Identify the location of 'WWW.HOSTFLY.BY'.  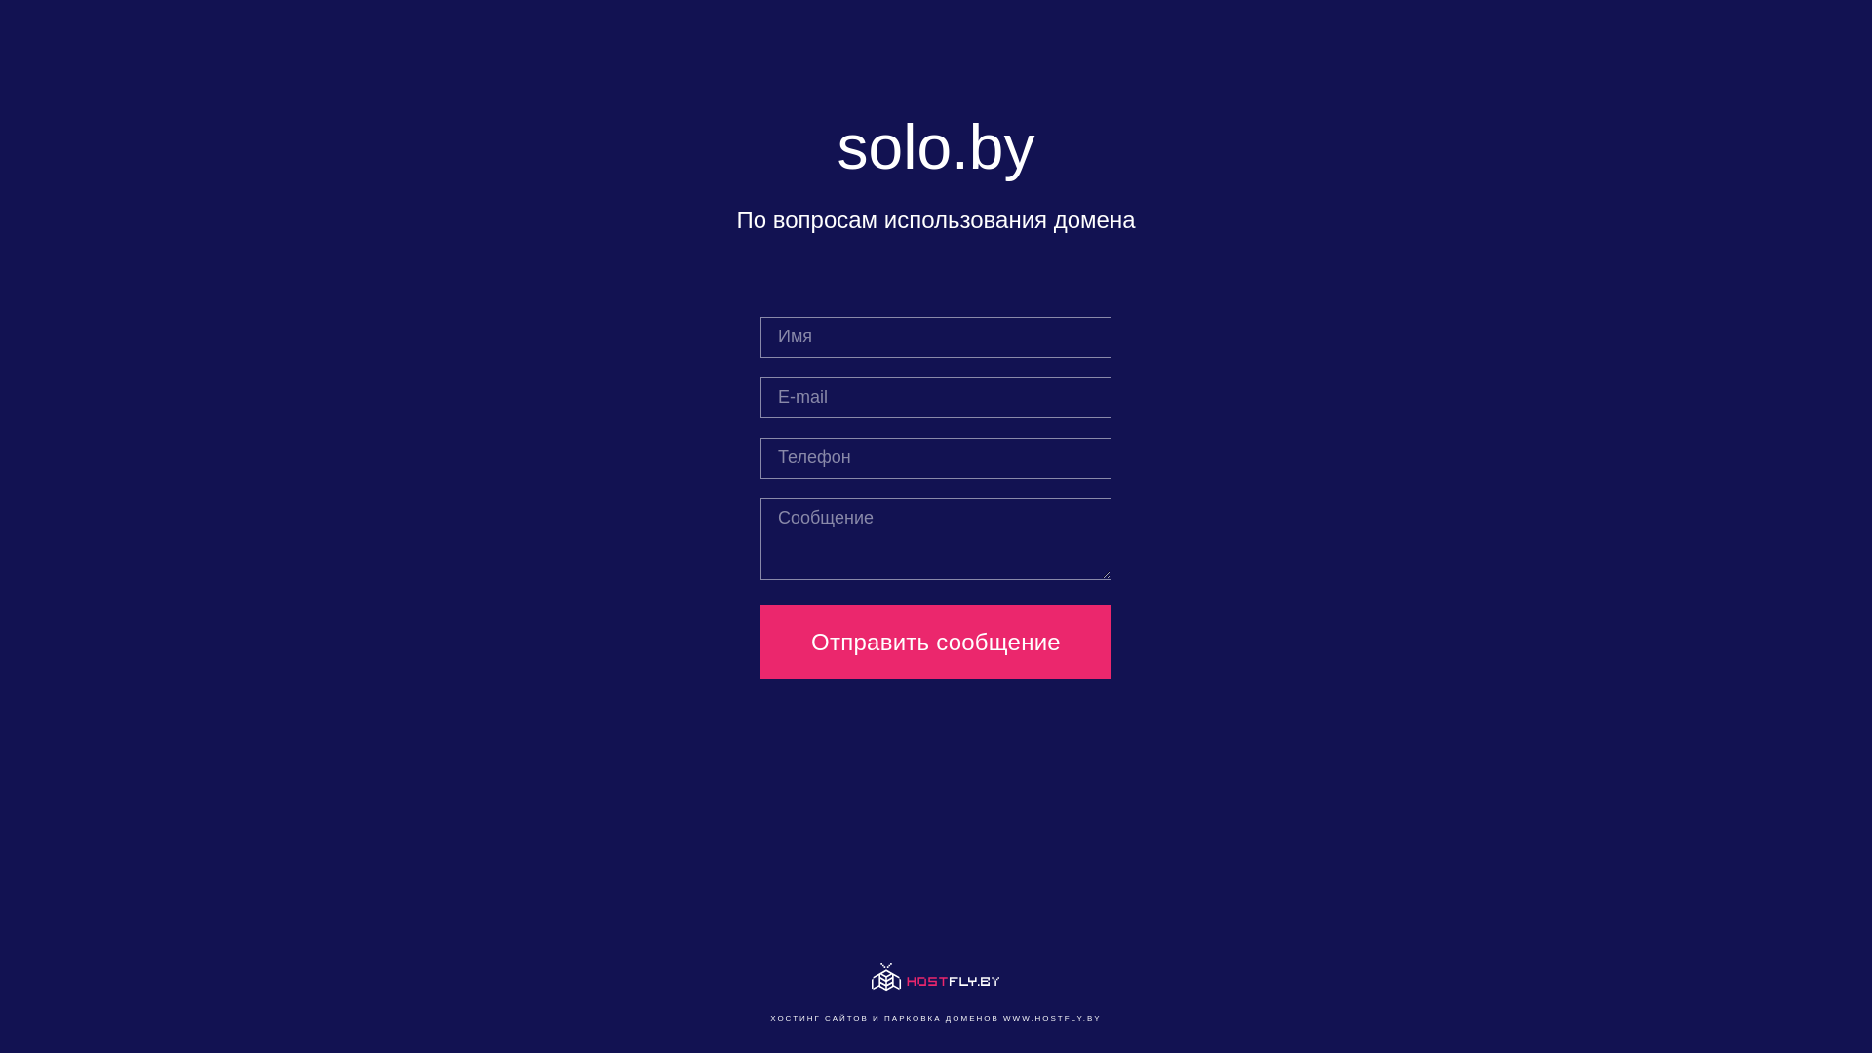
(1051, 1017).